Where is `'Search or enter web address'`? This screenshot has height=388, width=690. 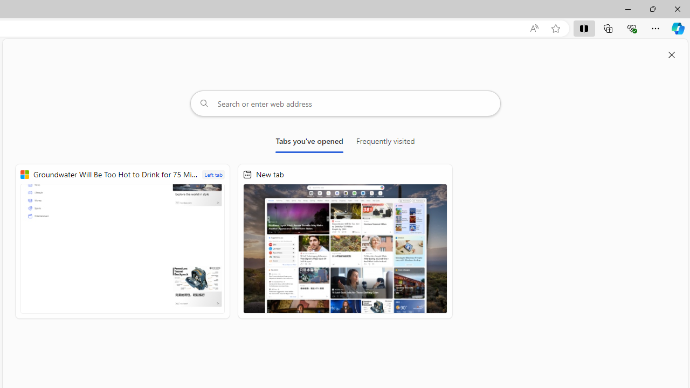
'Search or enter web address' is located at coordinates (345, 103).